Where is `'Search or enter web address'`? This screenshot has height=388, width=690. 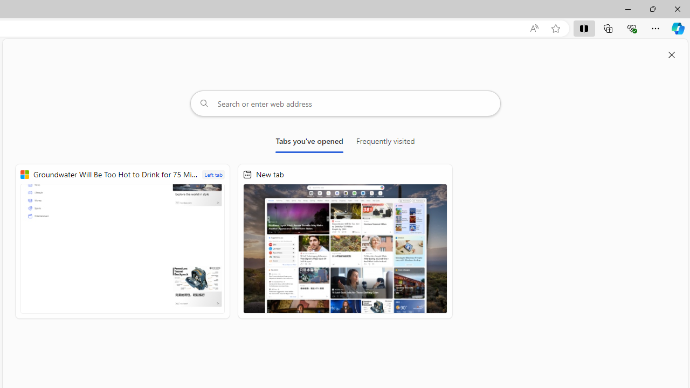
'Search or enter web address' is located at coordinates (345, 103).